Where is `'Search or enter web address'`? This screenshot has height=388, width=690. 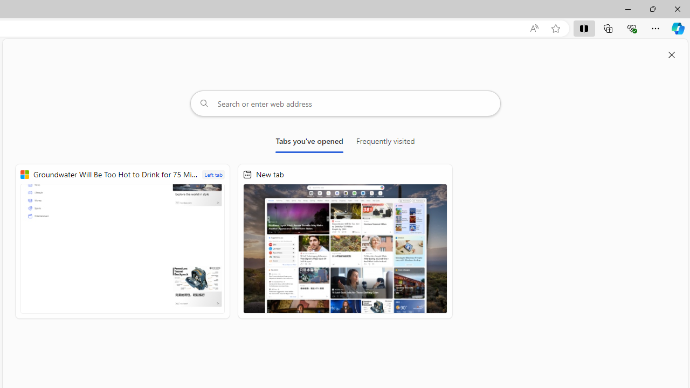
'Search or enter web address' is located at coordinates (345, 103).